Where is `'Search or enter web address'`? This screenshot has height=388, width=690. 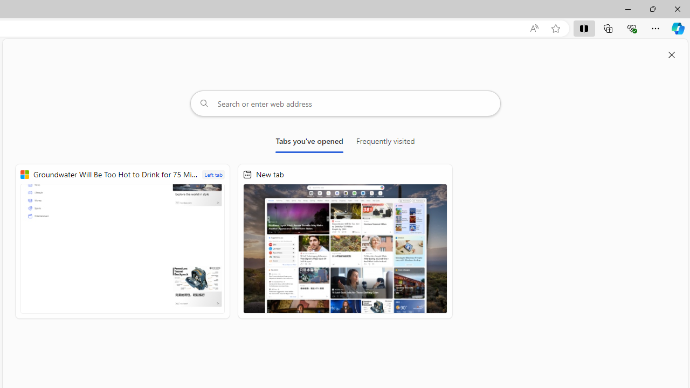
'Search or enter web address' is located at coordinates (345, 103).